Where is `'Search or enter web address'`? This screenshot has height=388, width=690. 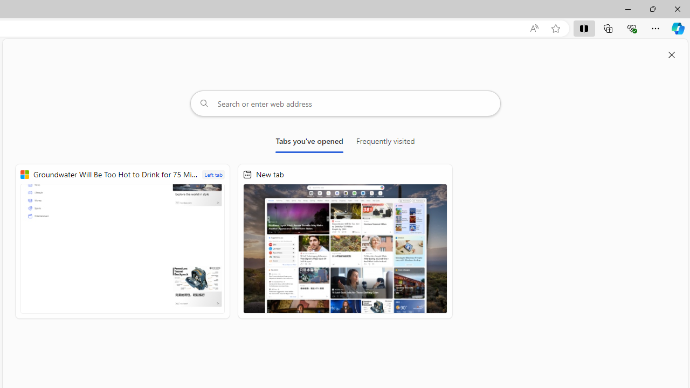
'Search or enter web address' is located at coordinates (345, 103).